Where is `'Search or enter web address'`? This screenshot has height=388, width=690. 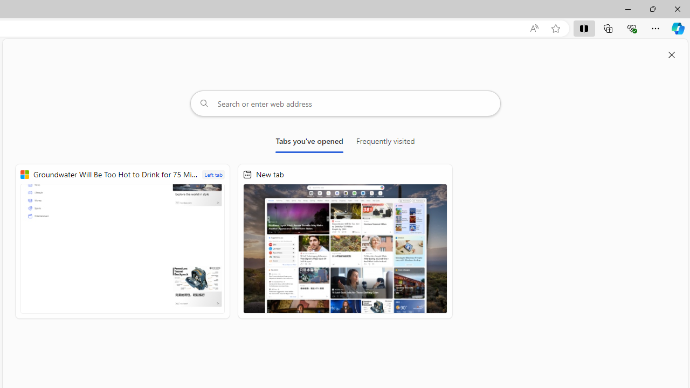
'Search or enter web address' is located at coordinates (345, 103).